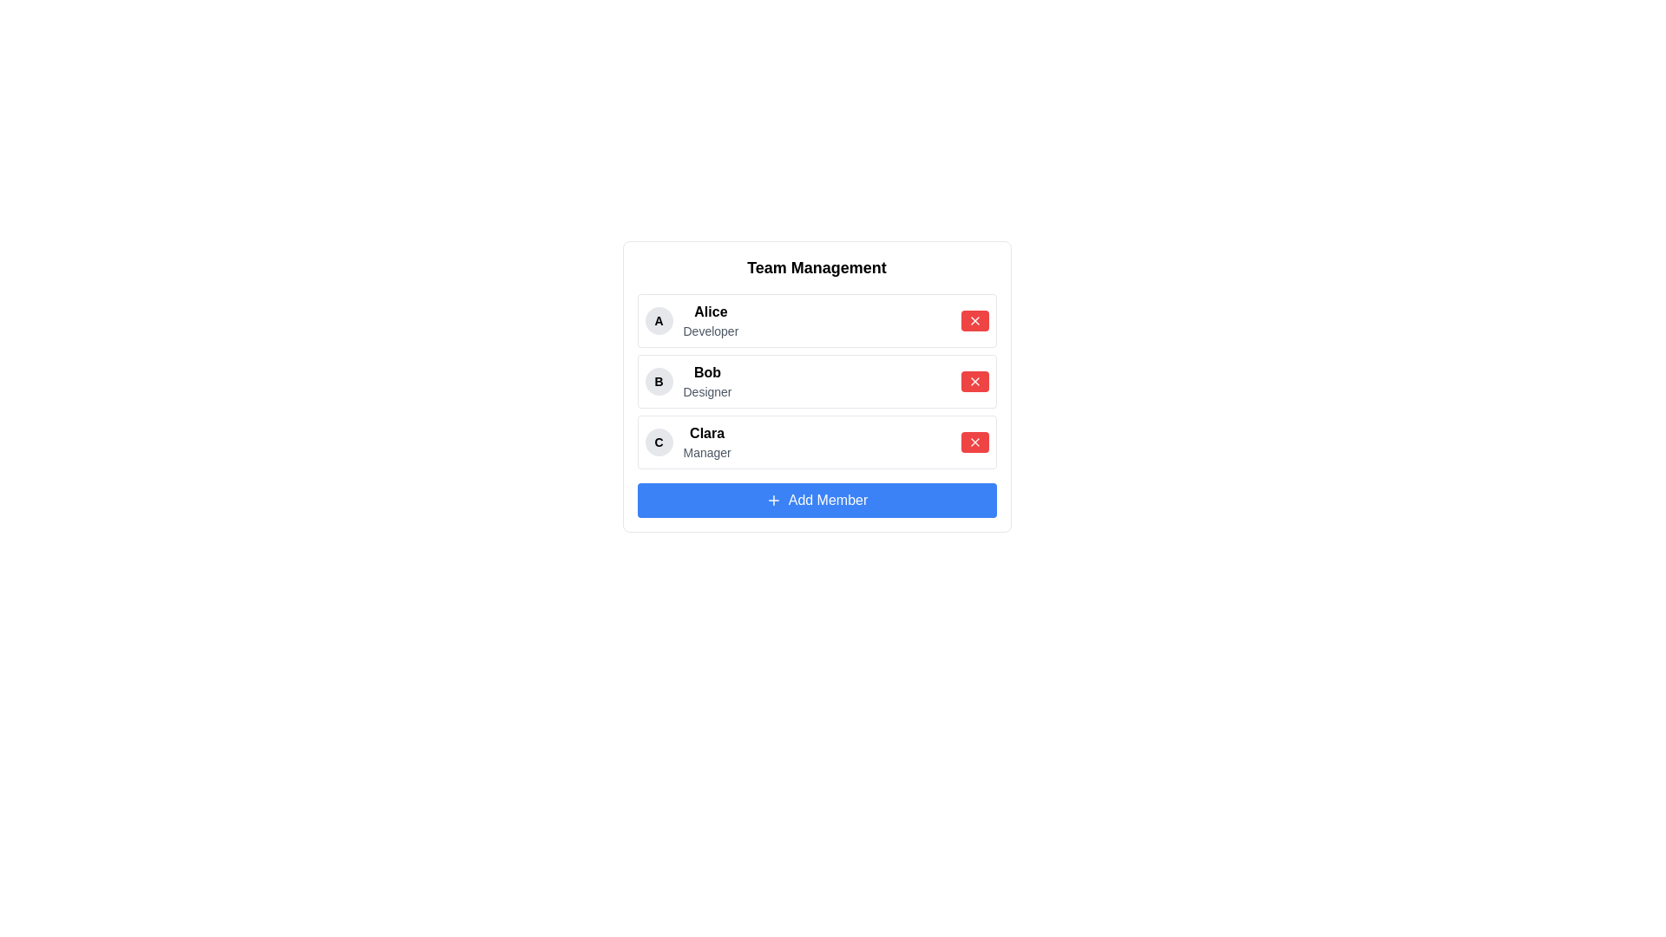 This screenshot has height=937, width=1666. What do you see at coordinates (772, 501) in the screenshot?
I see `the 'Add Member' button, which is a blue rounded rectangle with a '+' icon and text` at bounding box center [772, 501].